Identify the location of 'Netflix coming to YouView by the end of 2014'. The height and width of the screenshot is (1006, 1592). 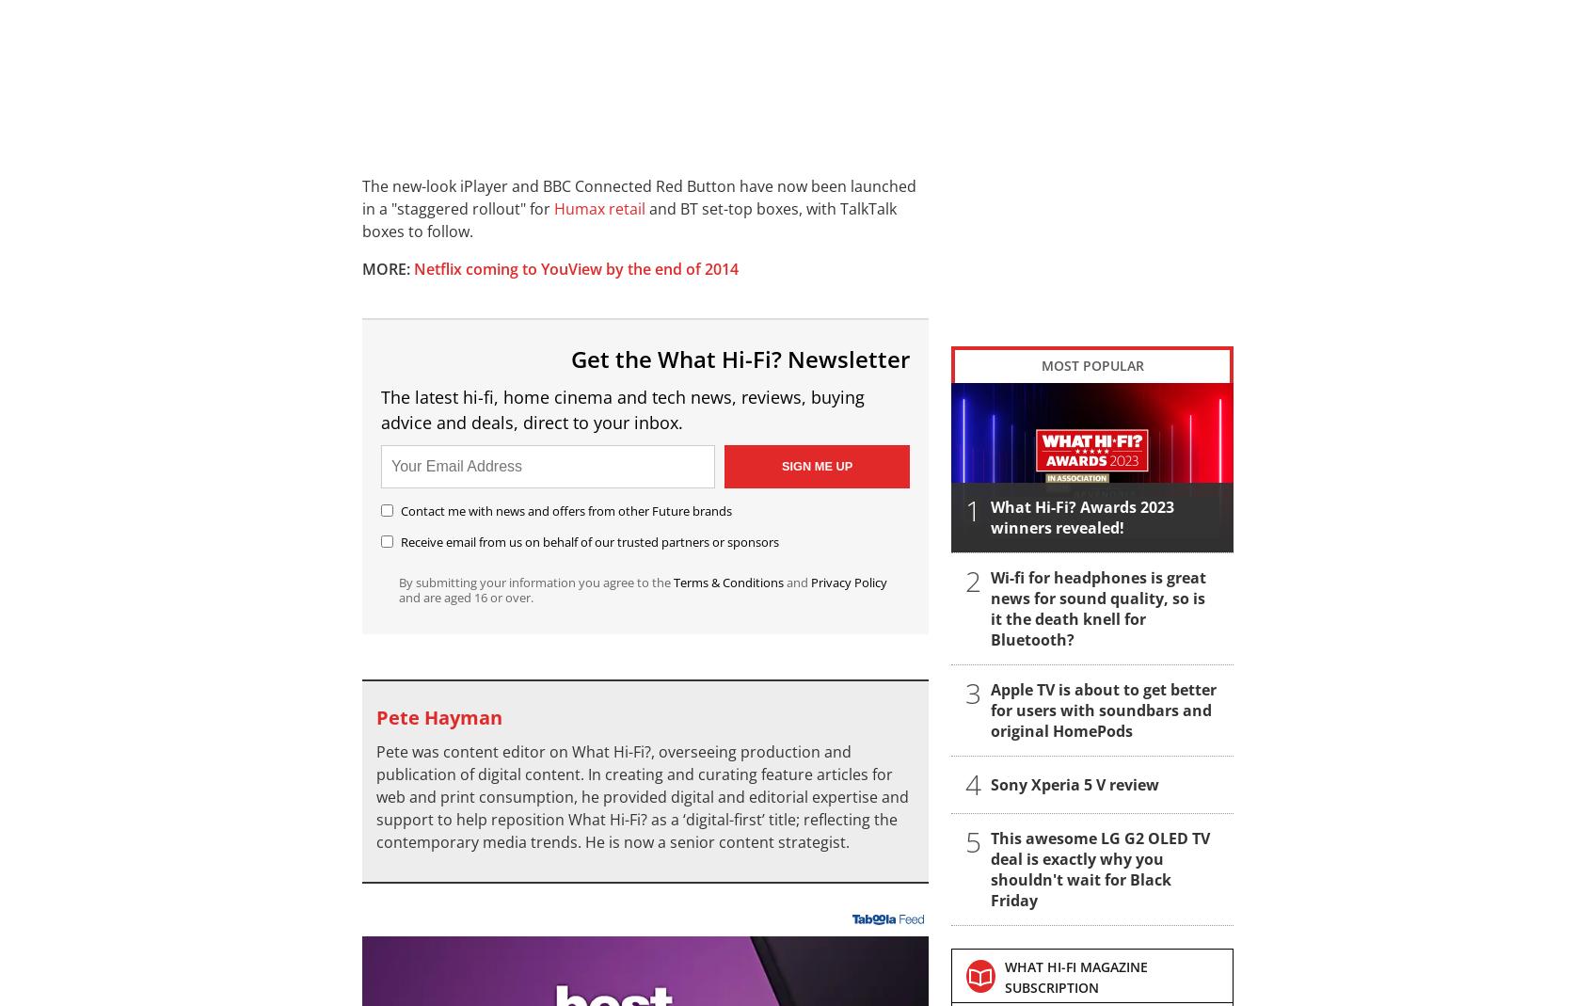
(575, 267).